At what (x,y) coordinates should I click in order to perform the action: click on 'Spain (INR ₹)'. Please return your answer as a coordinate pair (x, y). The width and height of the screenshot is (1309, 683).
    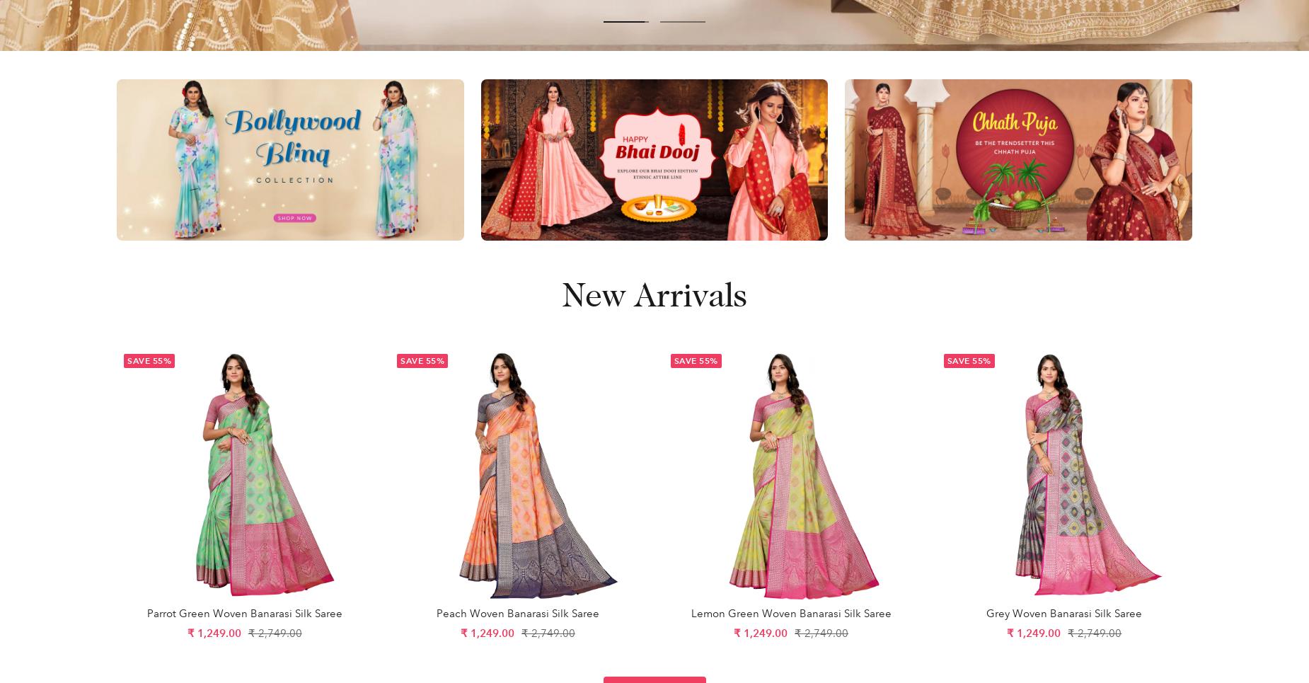
    Looking at the image, I should click on (1062, 67).